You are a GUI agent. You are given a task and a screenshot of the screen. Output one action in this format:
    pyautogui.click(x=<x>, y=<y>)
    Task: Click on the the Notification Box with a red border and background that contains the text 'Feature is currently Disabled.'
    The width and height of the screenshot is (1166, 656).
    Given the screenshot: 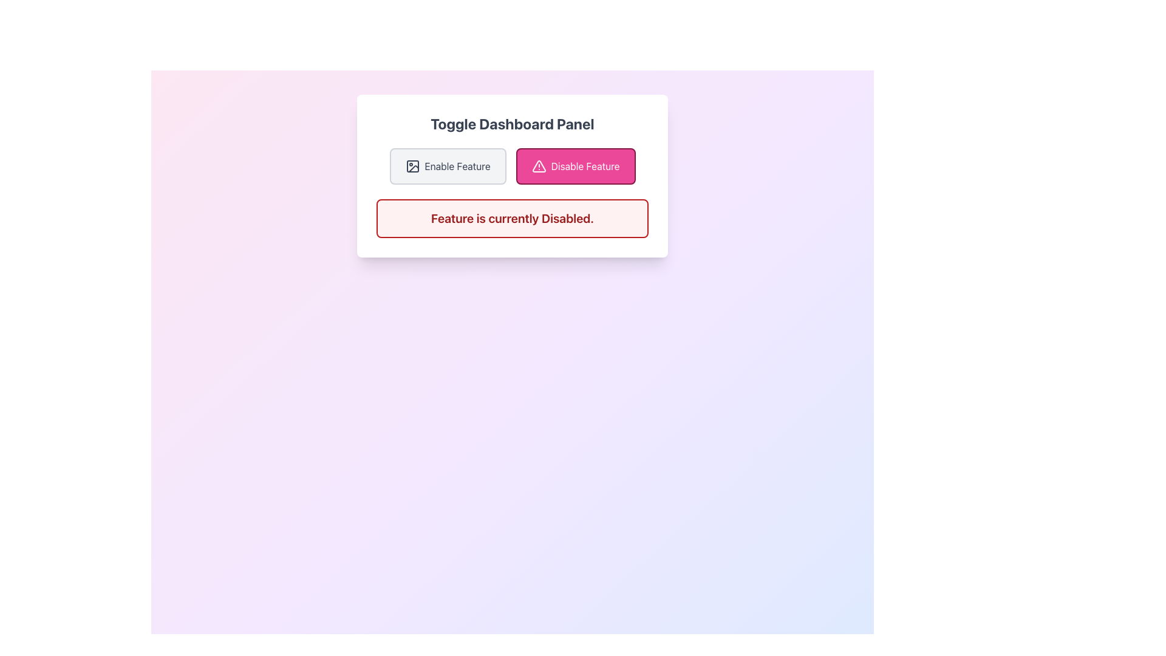 What is the action you would take?
    pyautogui.click(x=513, y=217)
    